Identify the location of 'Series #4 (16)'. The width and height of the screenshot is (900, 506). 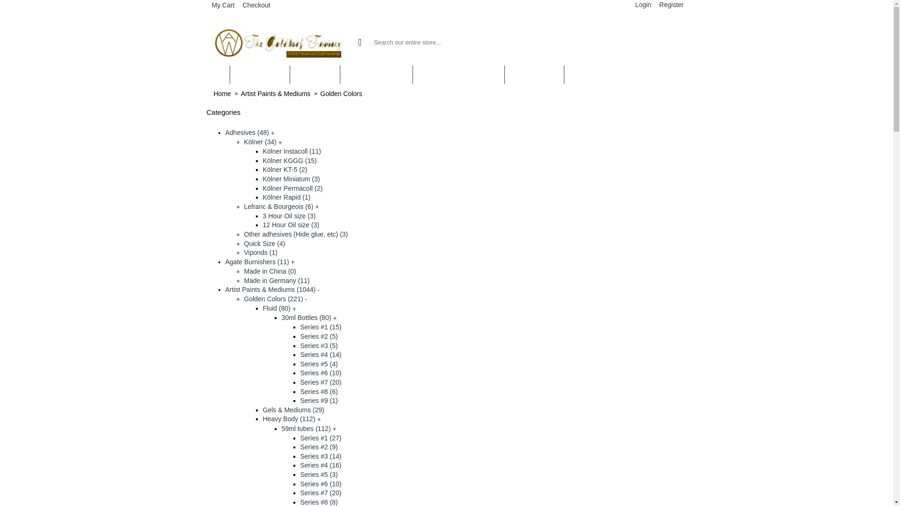
(320, 465).